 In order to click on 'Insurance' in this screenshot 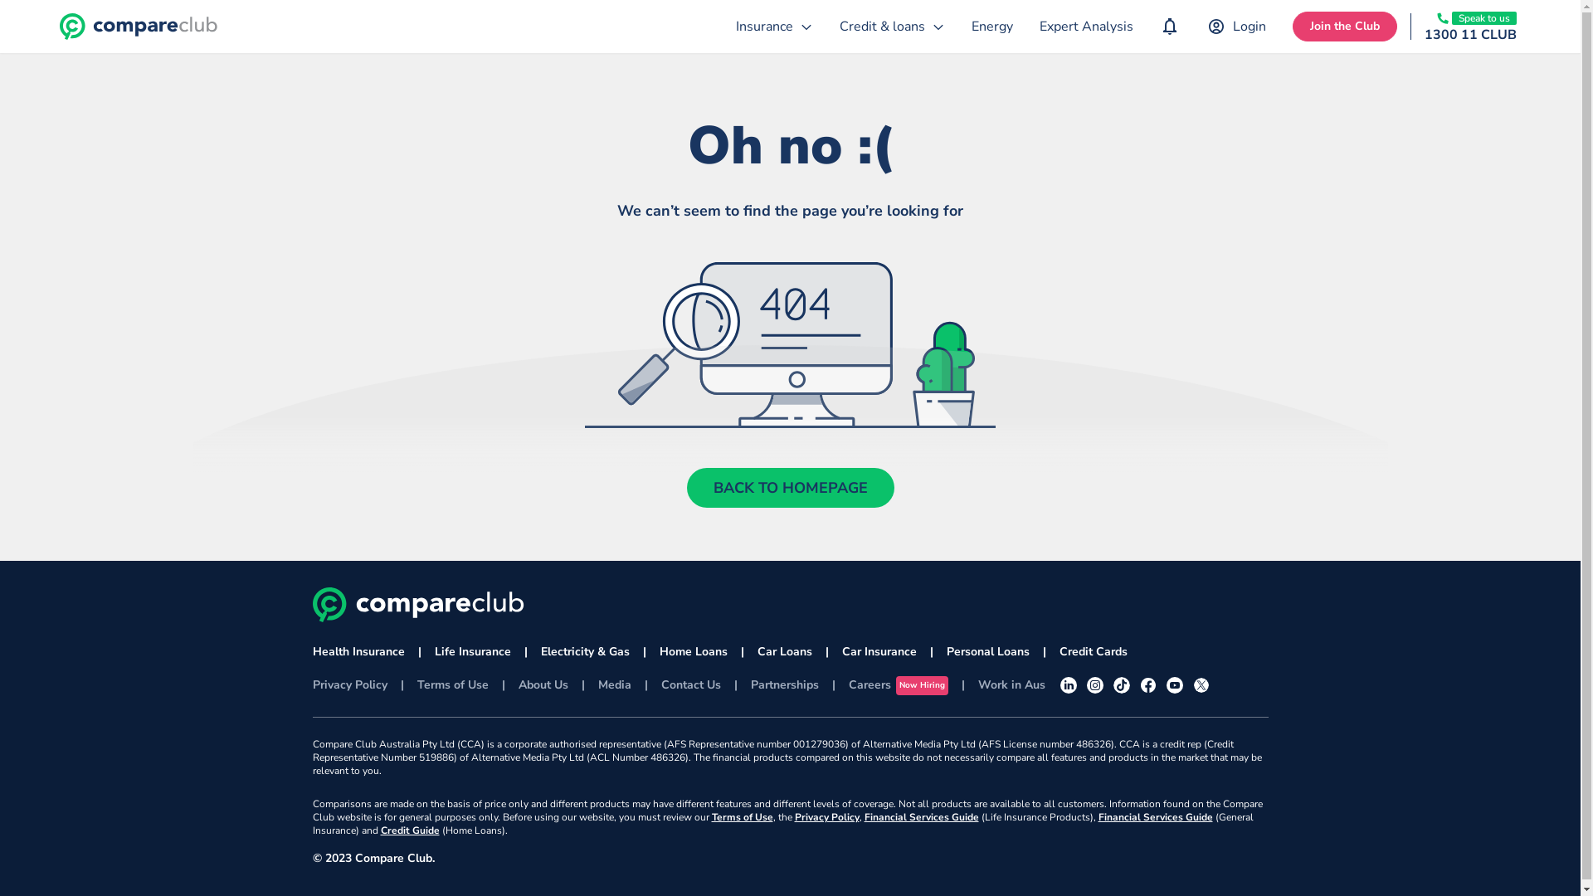, I will do `click(722, 26)`.